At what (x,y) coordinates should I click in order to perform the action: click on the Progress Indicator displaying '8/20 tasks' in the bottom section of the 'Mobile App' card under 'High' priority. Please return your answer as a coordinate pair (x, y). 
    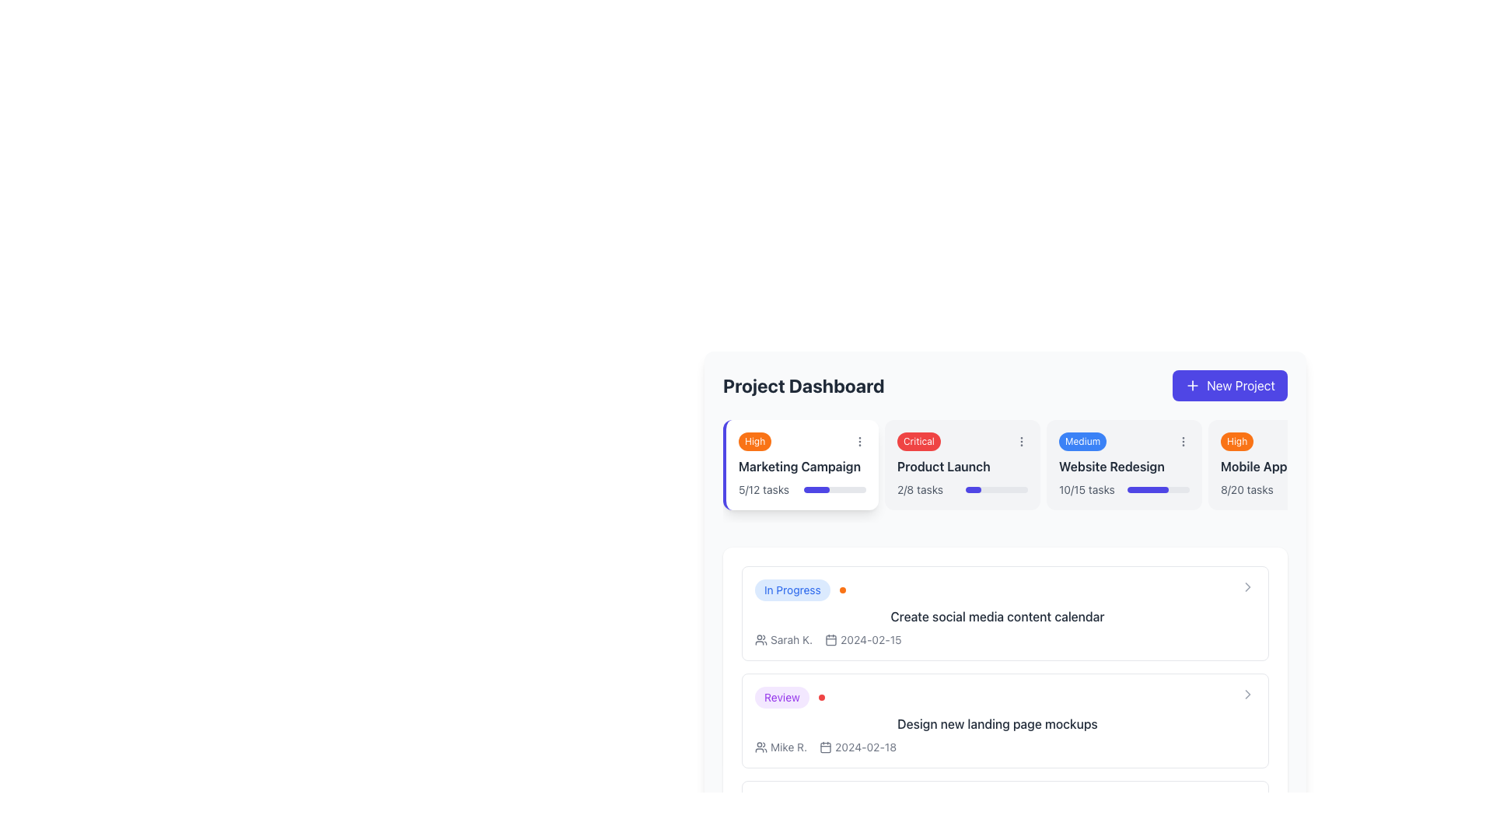
    Looking at the image, I should click on (1286, 488).